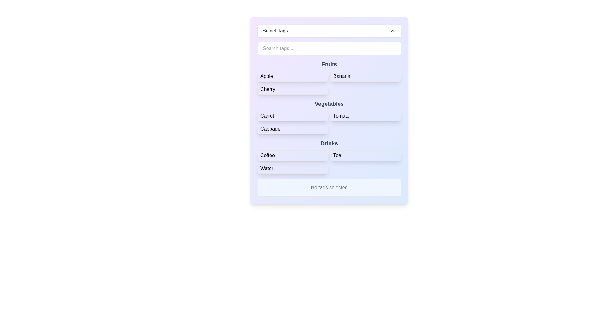 This screenshot has height=334, width=593. What do you see at coordinates (366, 76) in the screenshot?
I see `the rectangular button labeled 'Banana' located in the 'Fruits' grid` at bounding box center [366, 76].